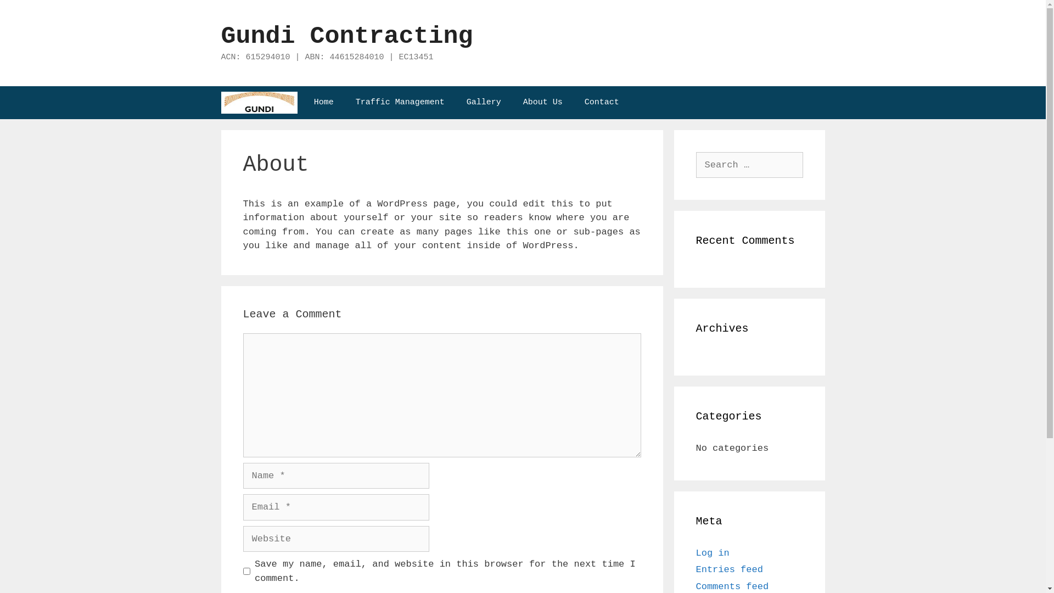  What do you see at coordinates (258, 102) in the screenshot?
I see `'Gundi Contracting'` at bounding box center [258, 102].